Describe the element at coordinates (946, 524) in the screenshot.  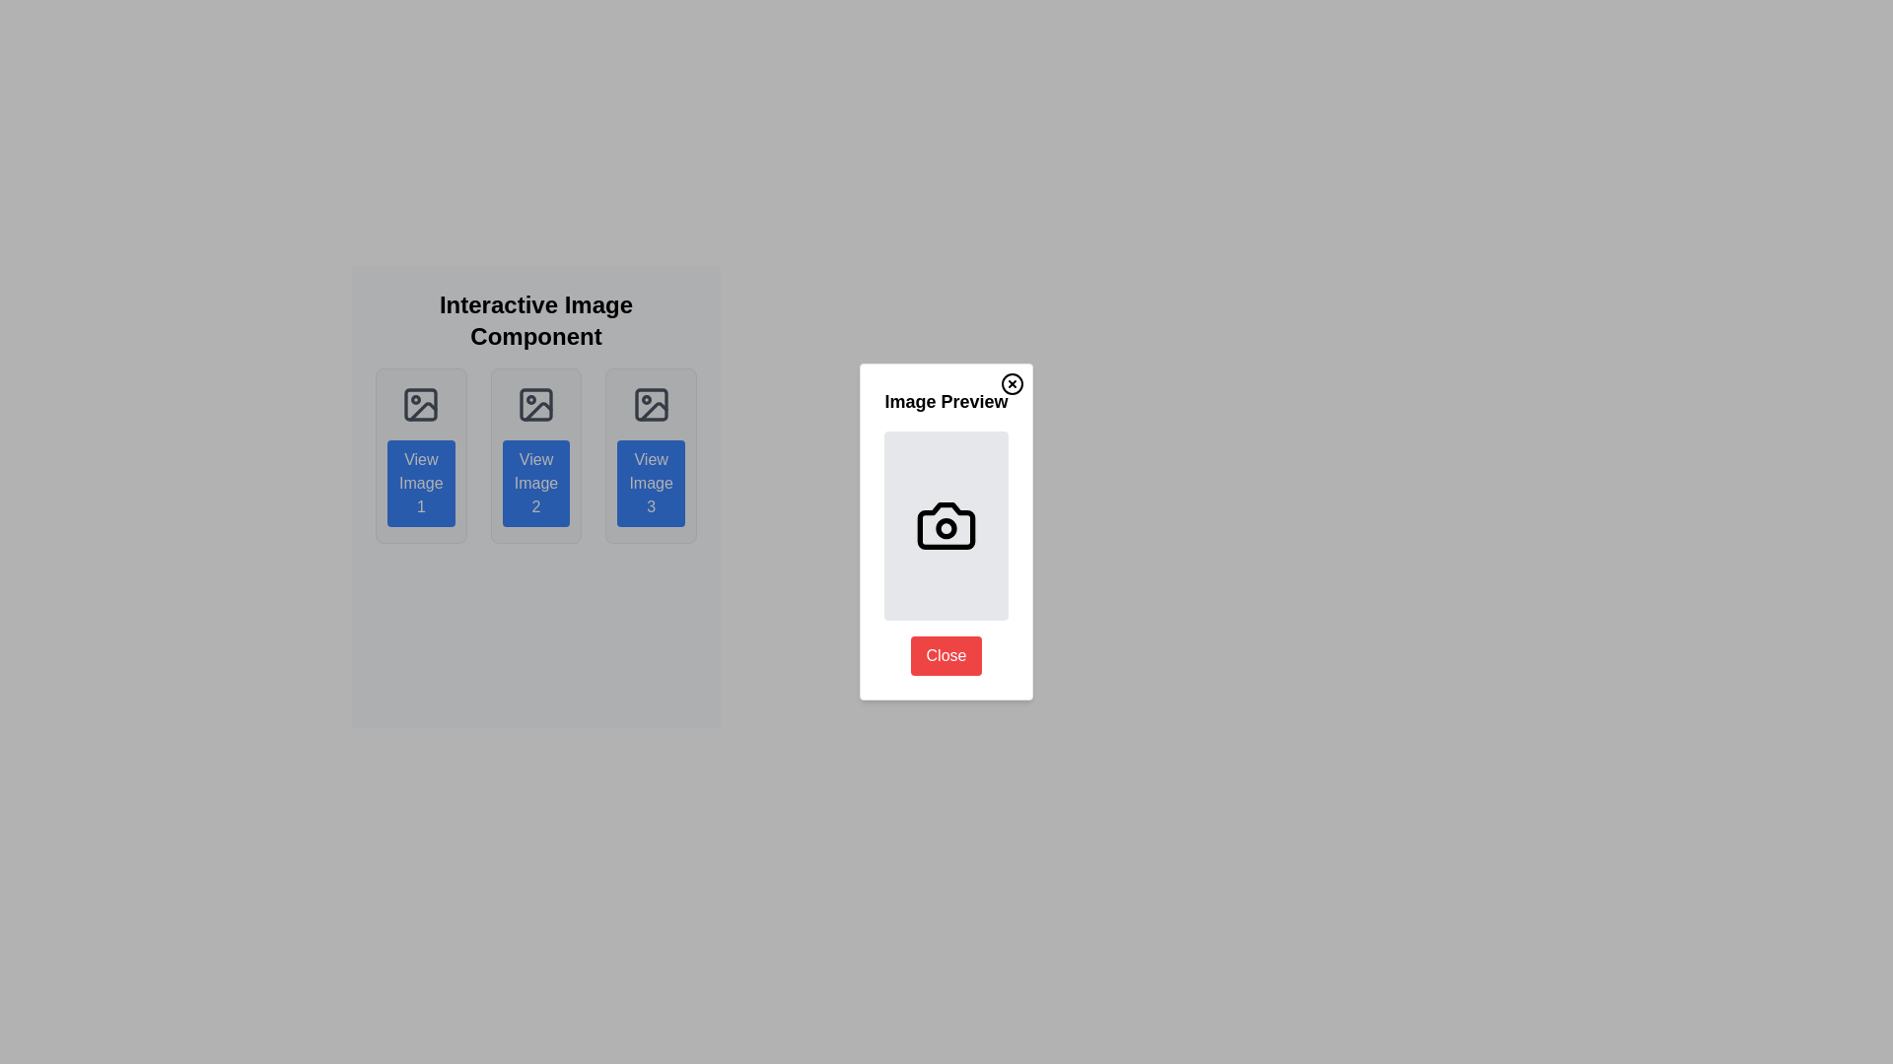
I see `the camera outline icon with a circular lens, which is the main visual element in the 'Image Preview' modal` at that location.